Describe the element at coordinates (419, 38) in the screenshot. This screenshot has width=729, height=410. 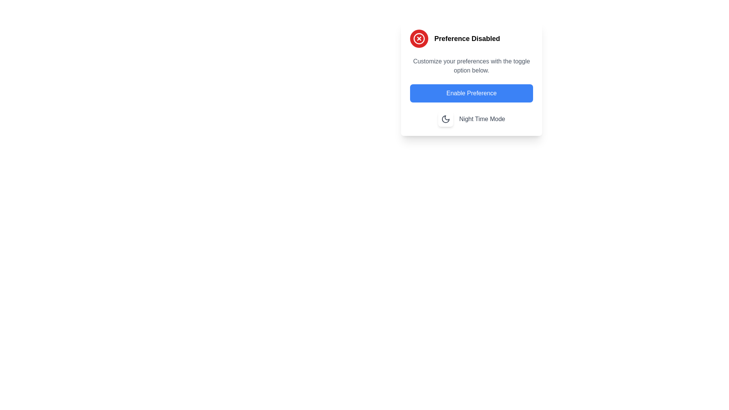
I see `the icon indicating a disabled or error state related to preferences, located to the left of the 'Preference Disabled' text` at that location.